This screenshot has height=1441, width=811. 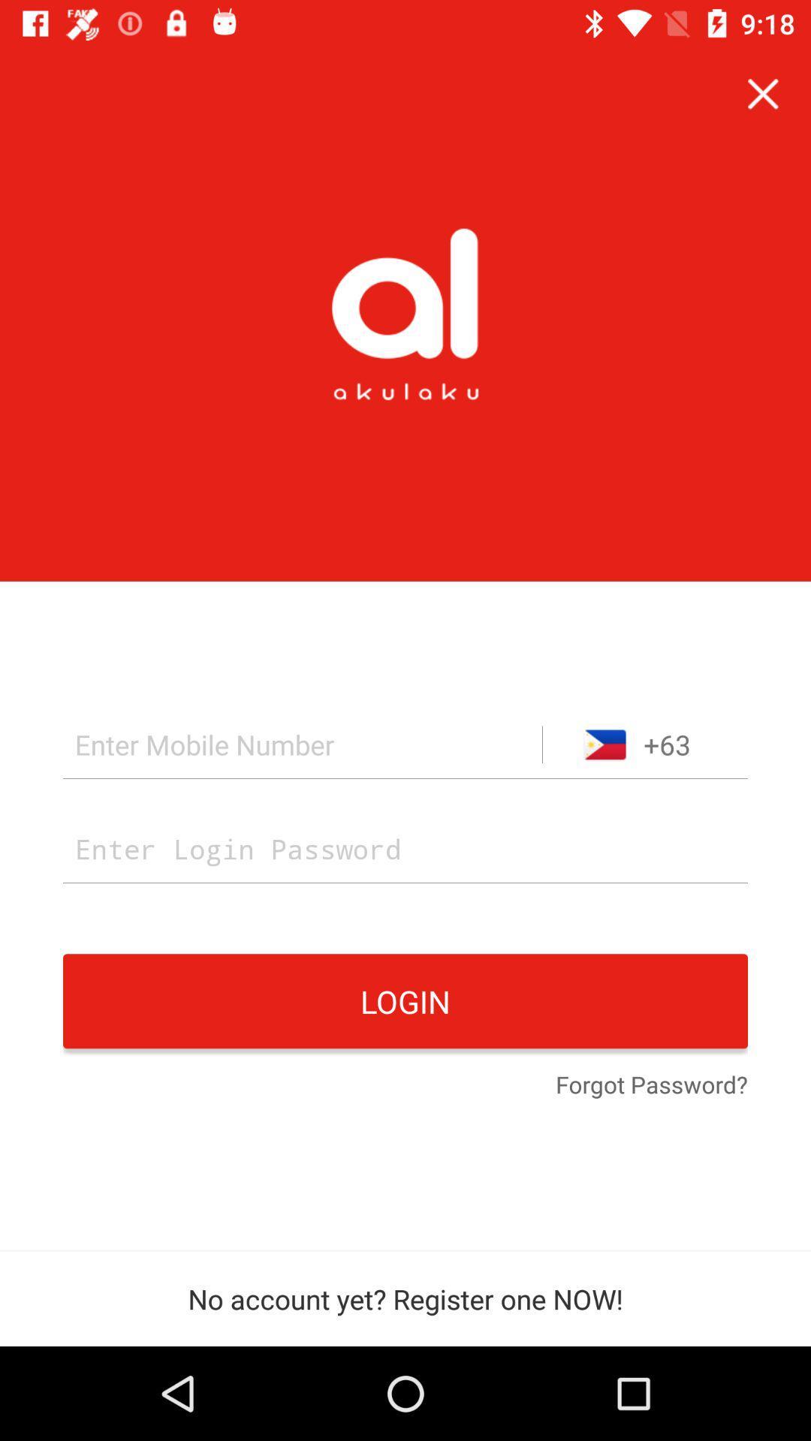 What do you see at coordinates (764, 93) in the screenshot?
I see `the item at the top right corner` at bounding box center [764, 93].